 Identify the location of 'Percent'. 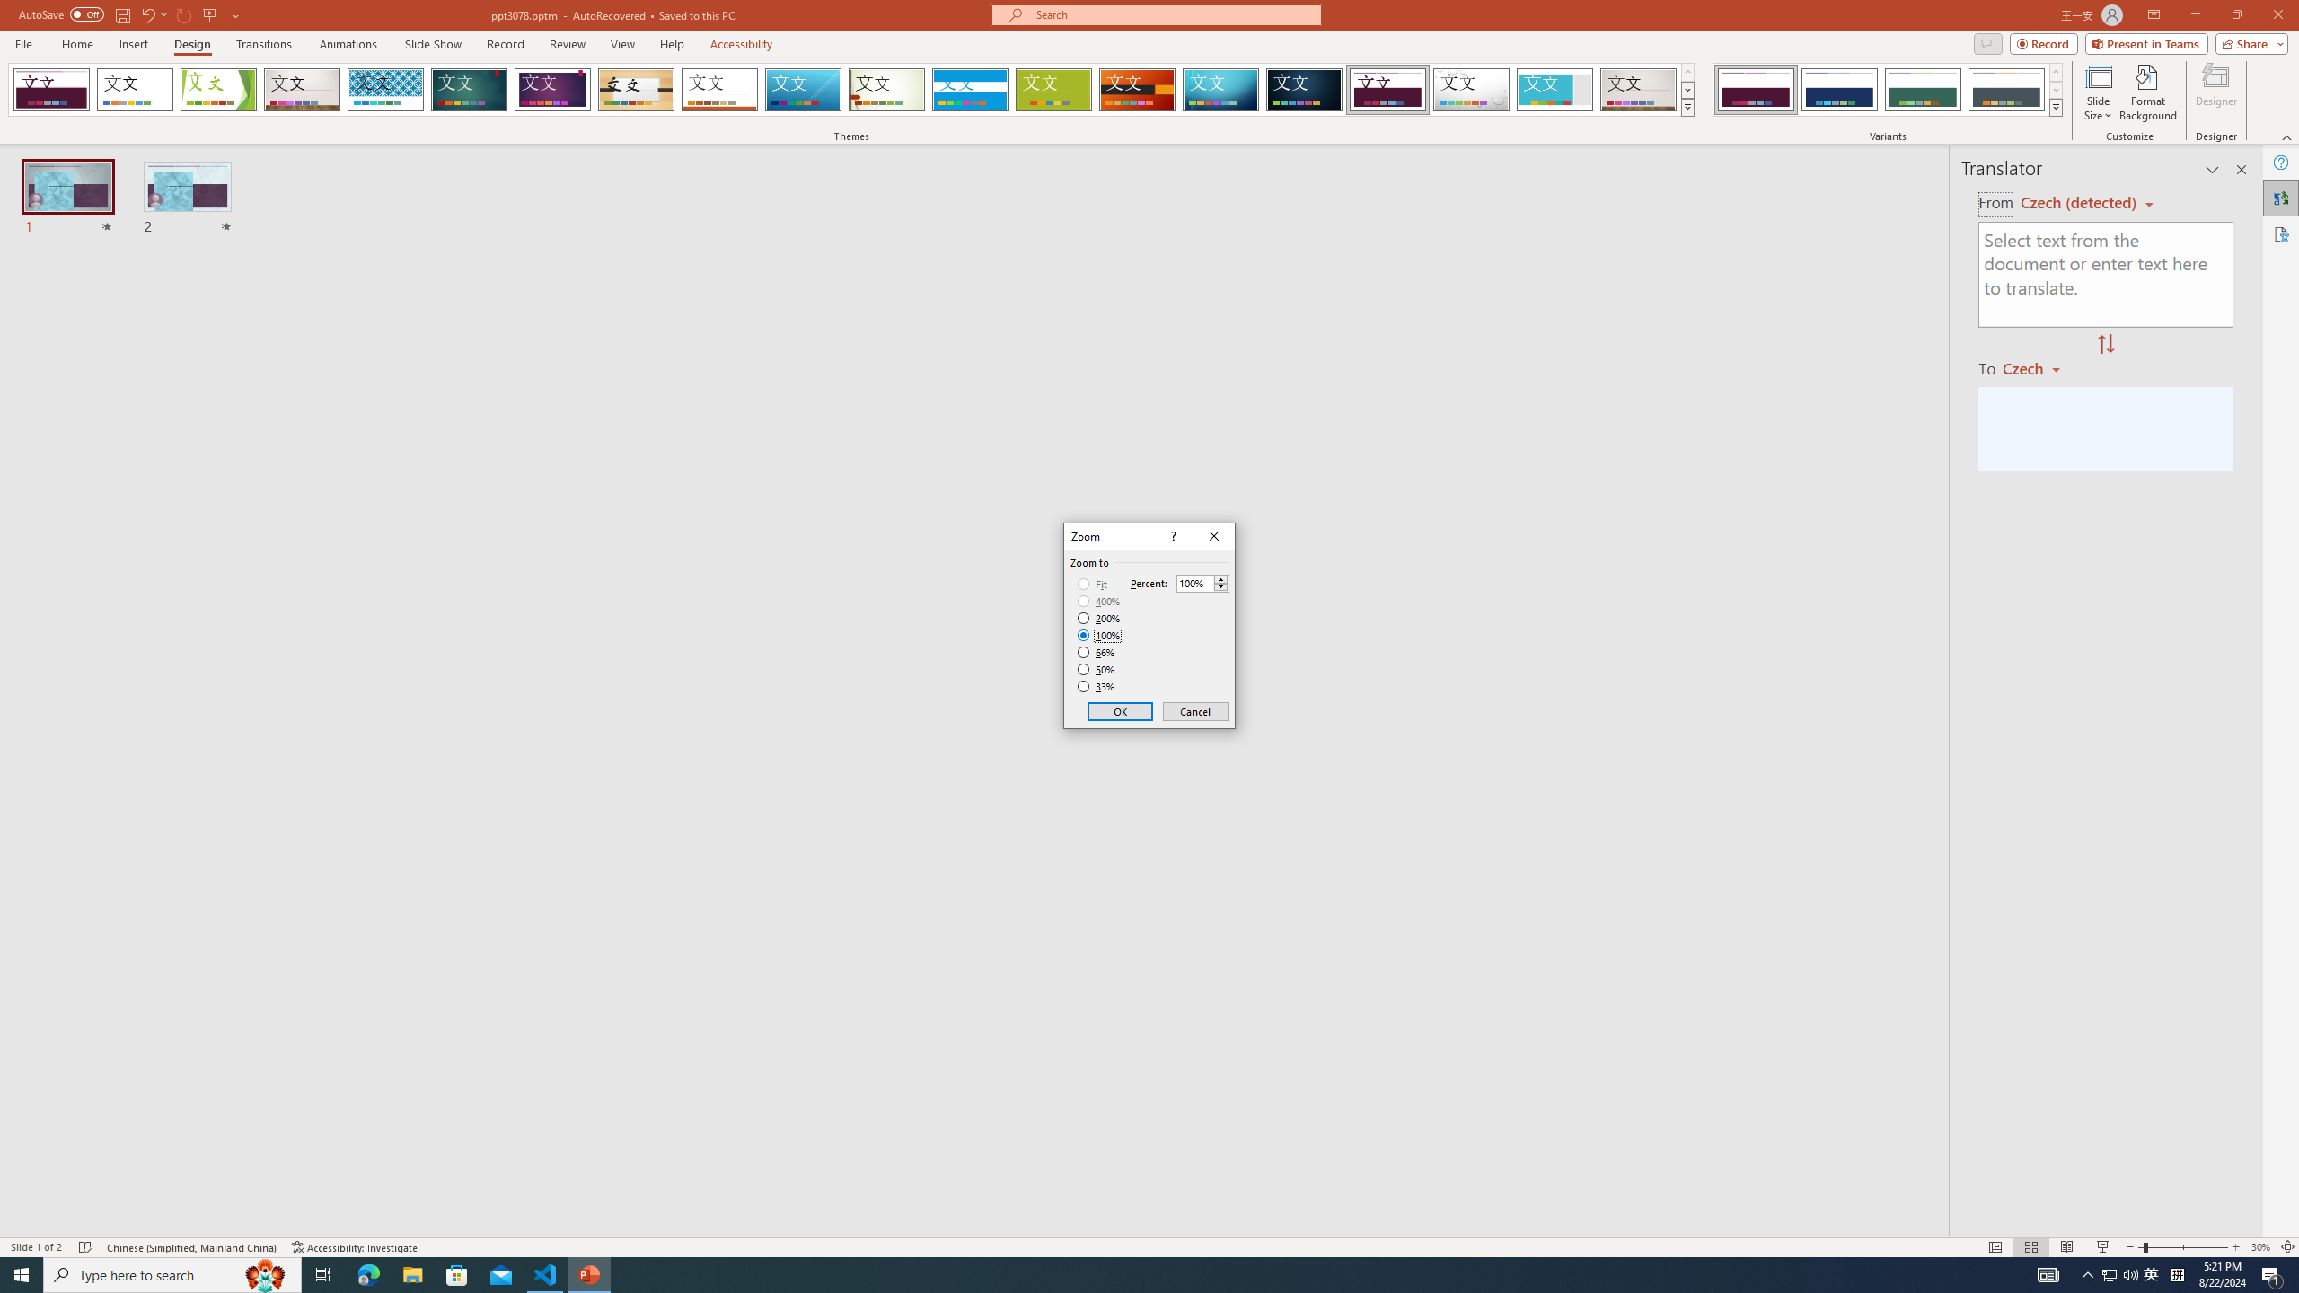
(1203, 582).